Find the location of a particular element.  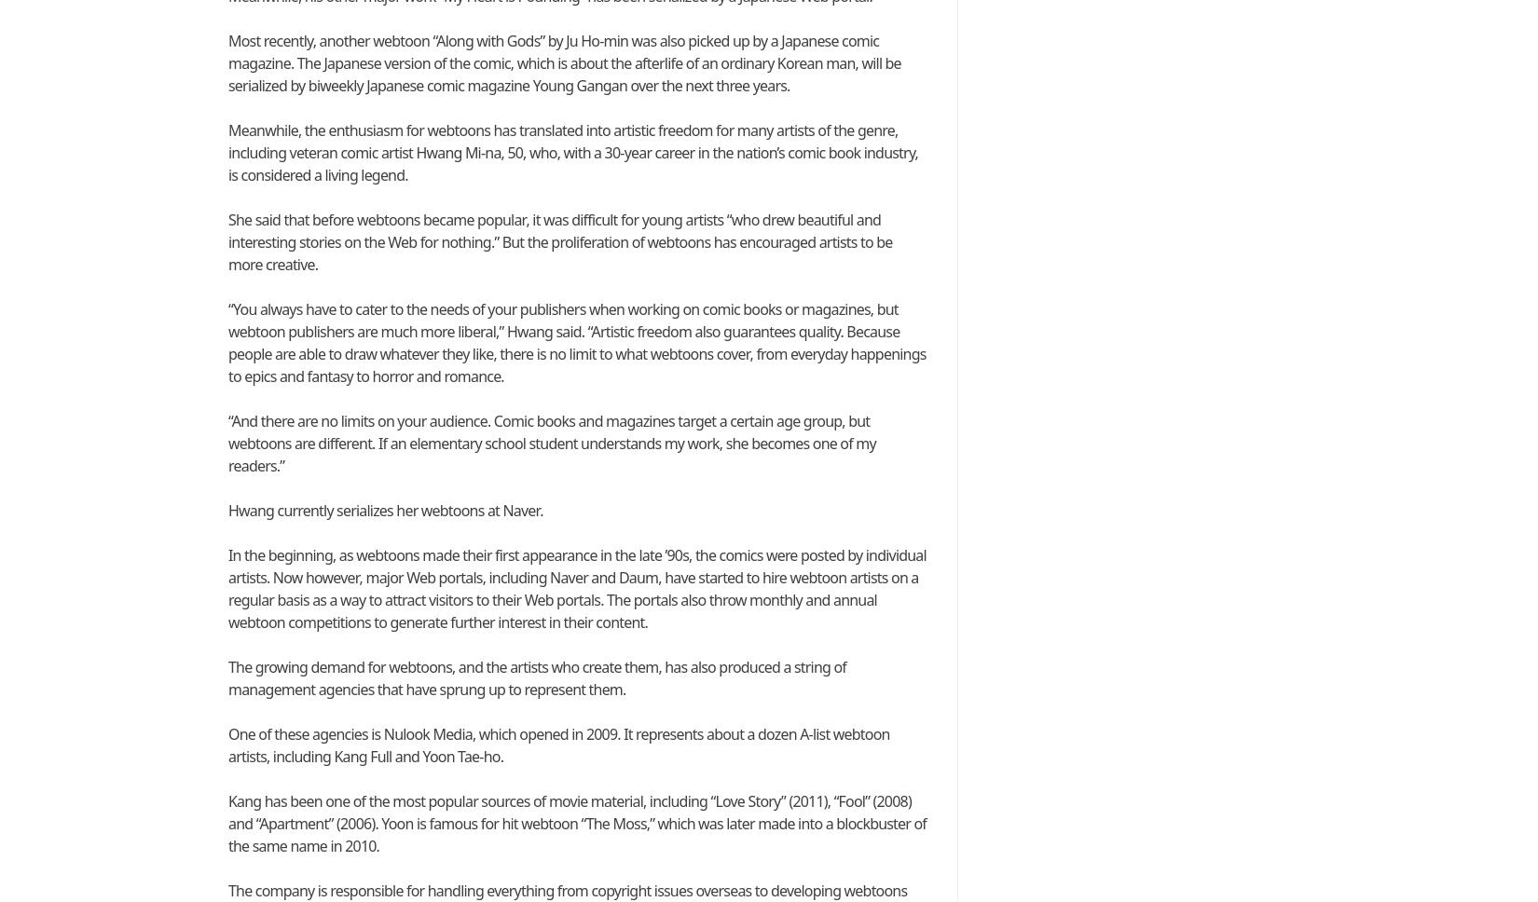

'Kang has been one of the most popular sources of movie material, including “Love Story” (2011), “Fool” (2008) and “Apartment” (2006). Yoon is famous for hit webtoon “The Moss,” which was later made into a blockbuster of the same name in 2010.' is located at coordinates (576, 822).